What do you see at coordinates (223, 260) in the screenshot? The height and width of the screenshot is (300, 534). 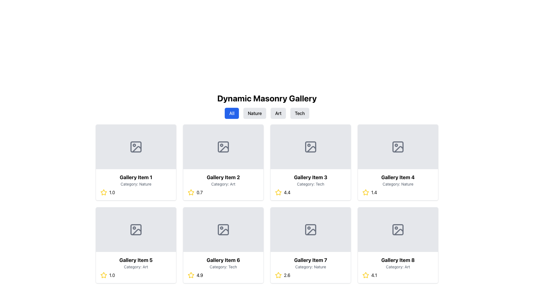 I see `text of the bold, black label displaying 'Gallery Item 6' which is located within a card-like UI component in the grid layout` at bounding box center [223, 260].